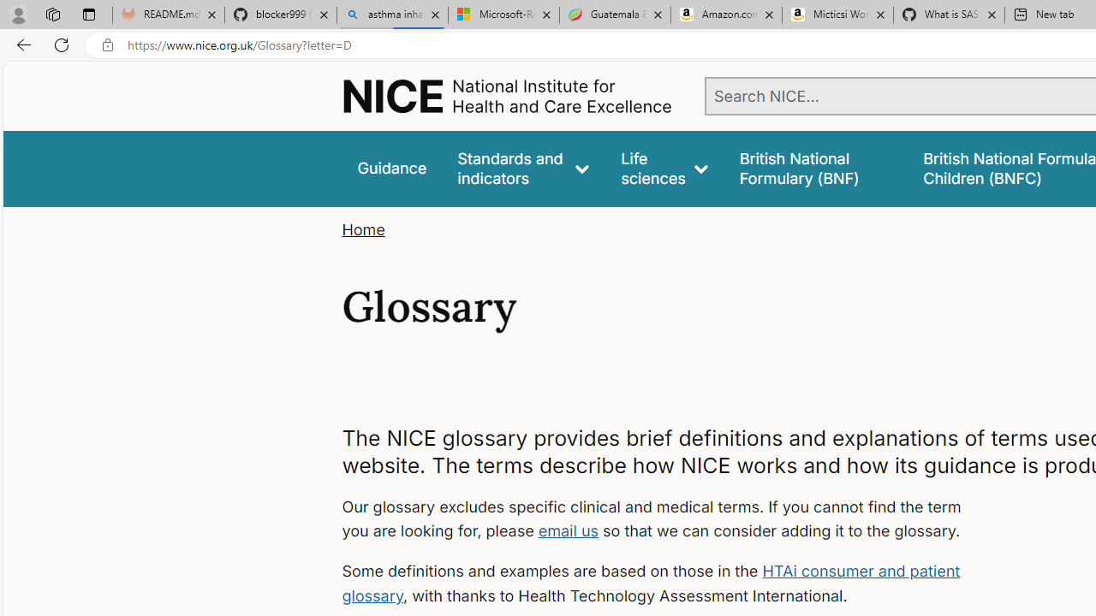 This screenshot has width=1096, height=616. I want to click on 'false', so click(814, 169).